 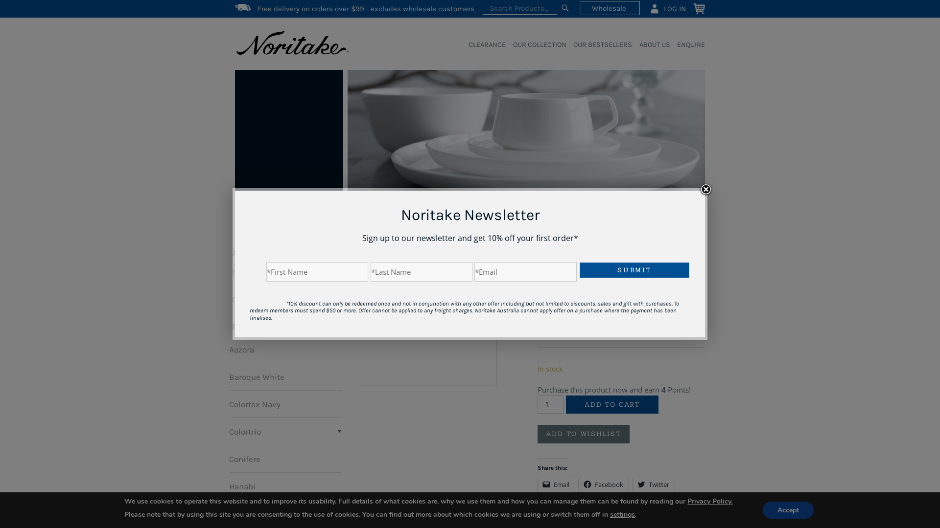 What do you see at coordinates (255, 512) in the screenshot?
I see `'Le Restaurant'` at bounding box center [255, 512].